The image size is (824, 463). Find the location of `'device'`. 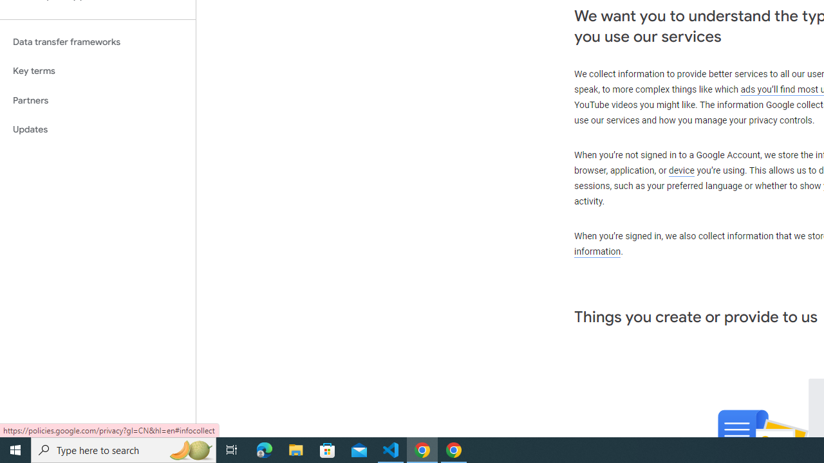

'device' is located at coordinates (681, 170).